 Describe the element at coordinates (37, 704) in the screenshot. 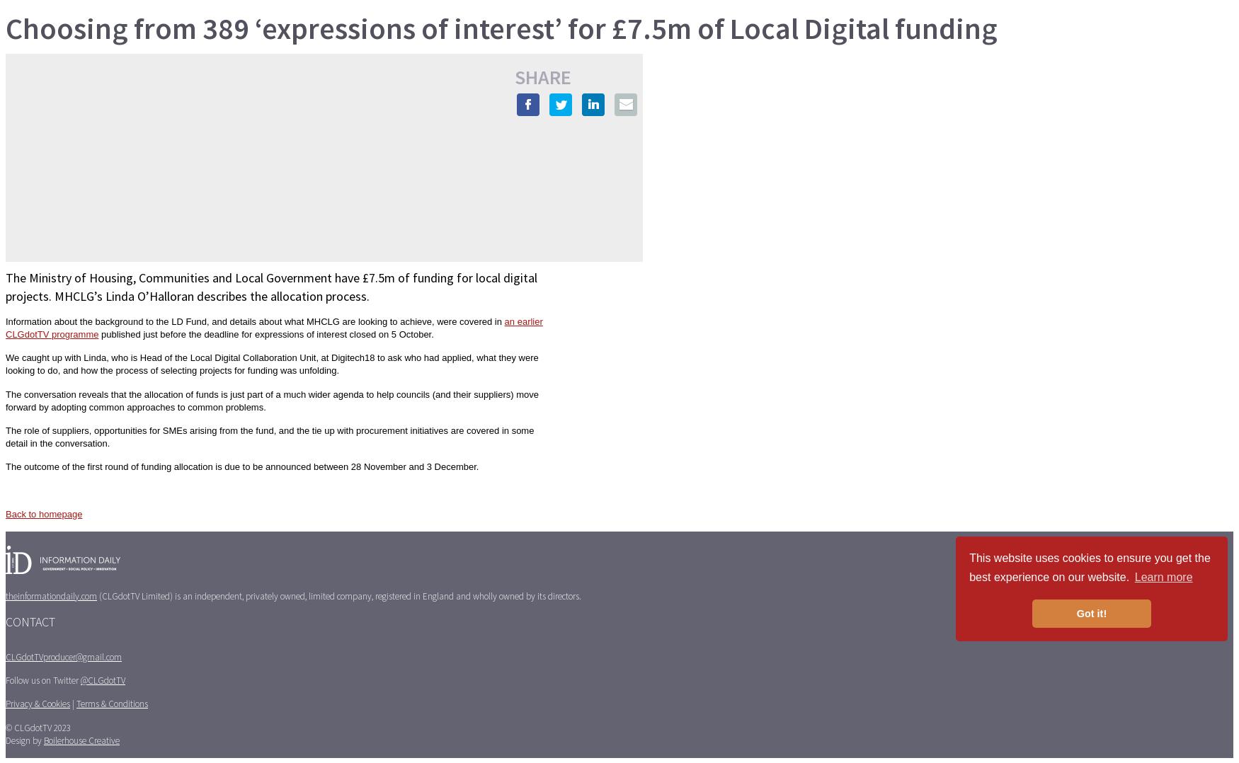

I see `'Privacy & Cookies'` at that location.